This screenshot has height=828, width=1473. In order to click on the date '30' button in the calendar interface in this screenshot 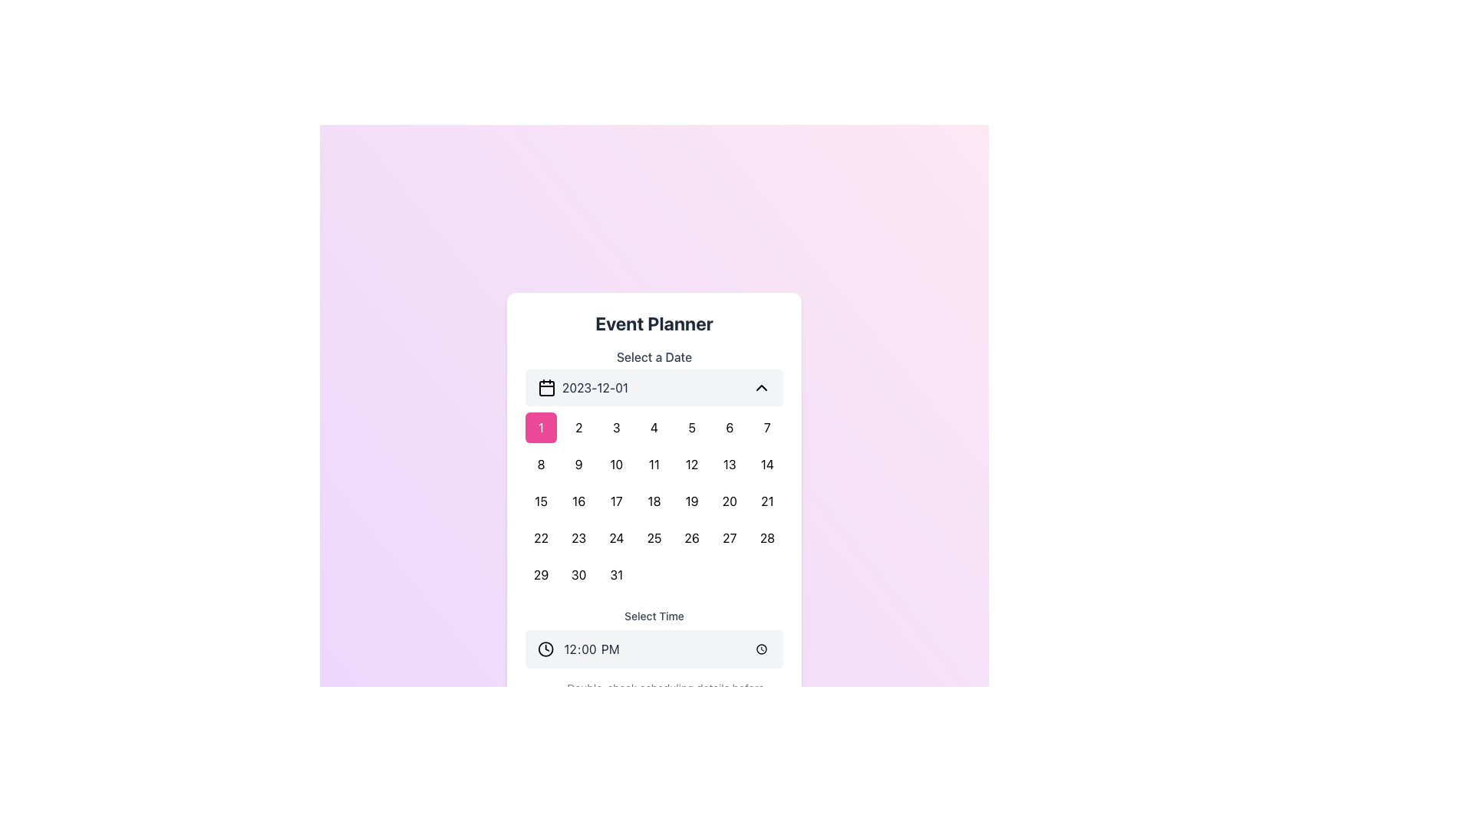, I will do `click(578, 574)`.